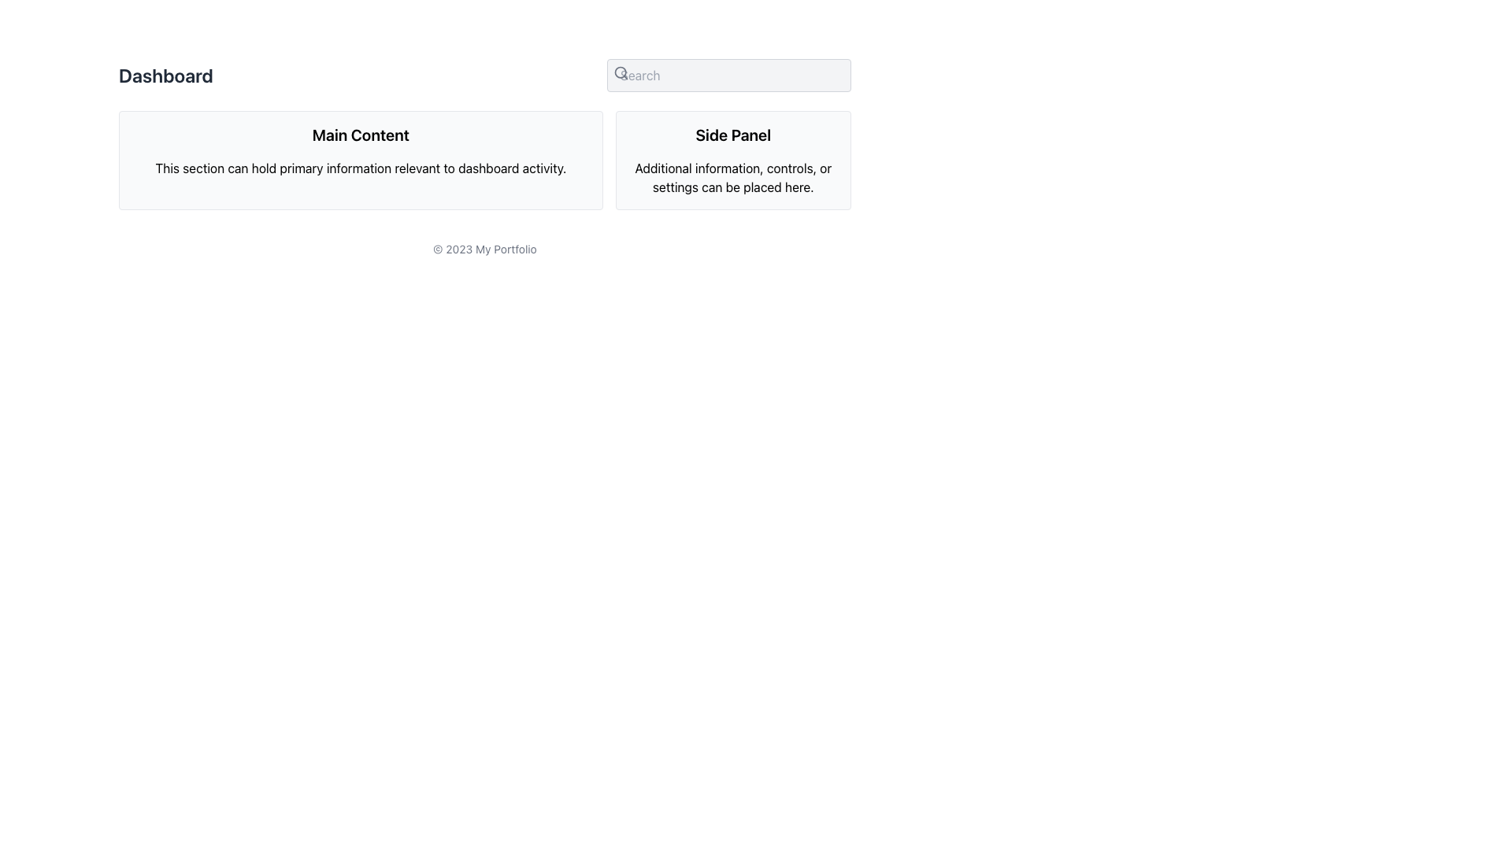 This screenshot has width=1512, height=850. What do you see at coordinates (165, 76) in the screenshot?
I see `the 'Dashboard' text label, which is a prominent header displayed in a large, bold, dark gray font at the top-left section of the interface` at bounding box center [165, 76].